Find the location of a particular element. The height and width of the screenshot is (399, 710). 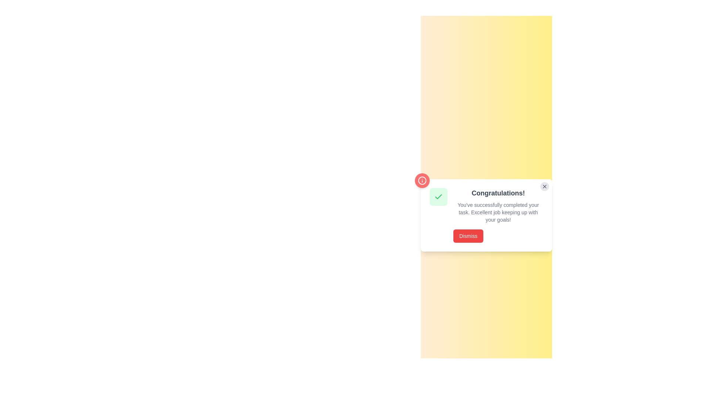

the circular close button in the top-right corner of the congratulatory card is located at coordinates (545, 186).